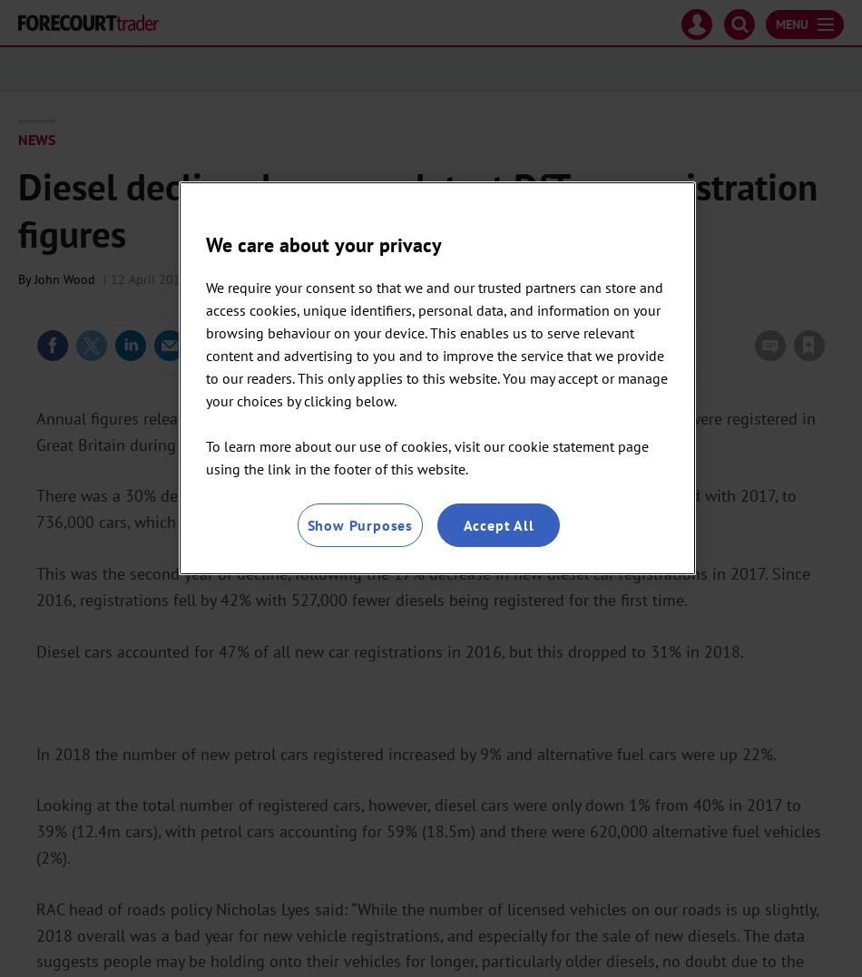 This screenshot has height=977, width=862. I want to click on '12 April 2019', so click(149, 278).